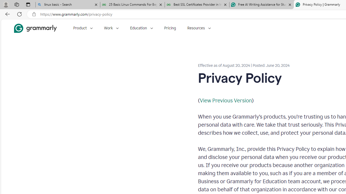 The width and height of the screenshot is (346, 194). What do you see at coordinates (141, 28) in the screenshot?
I see `'Education'` at bounding box center [141, 28].